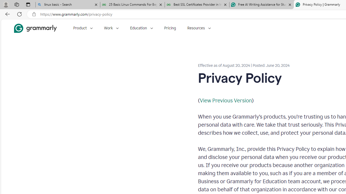 The width and height of the screenshot is (346, 194). What do you see at coordinates (141, 28) in the screenshot?
I see `'Education'` at bounding box center [141, 28].